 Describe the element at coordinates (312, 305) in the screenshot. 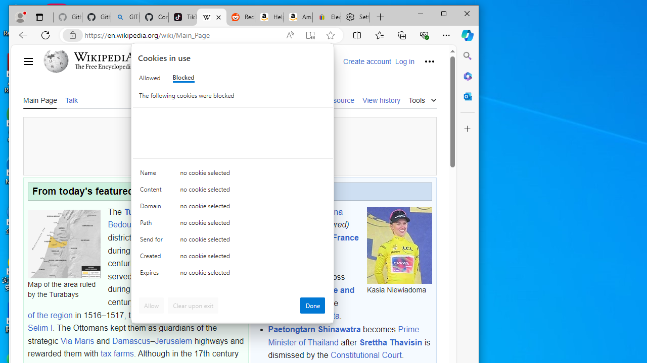

I see `'Done'` at that location.